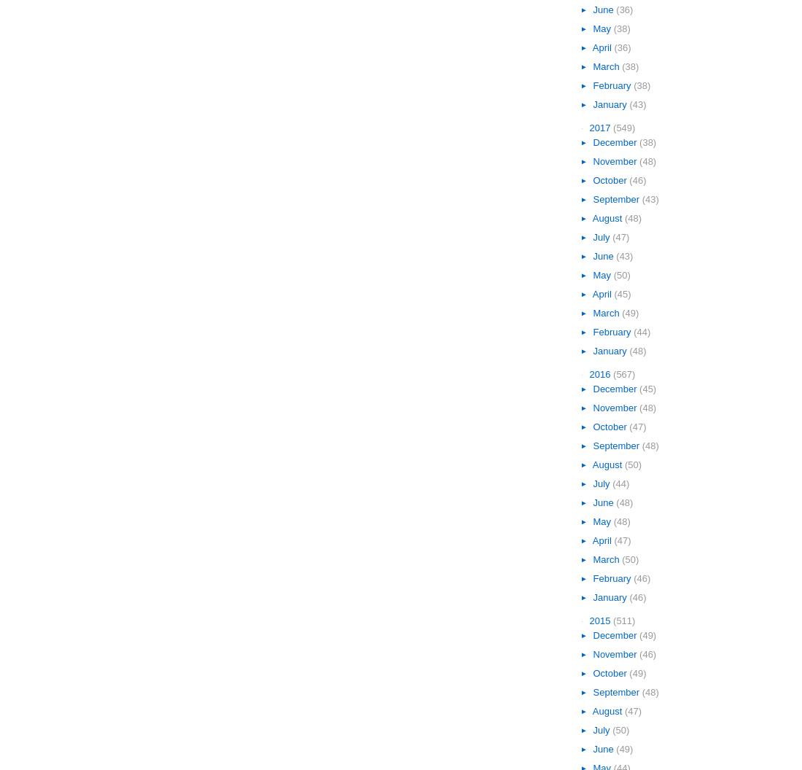 The width and height of the screenshot is (802, 770). I want to click on '2017', so click(601, 128).